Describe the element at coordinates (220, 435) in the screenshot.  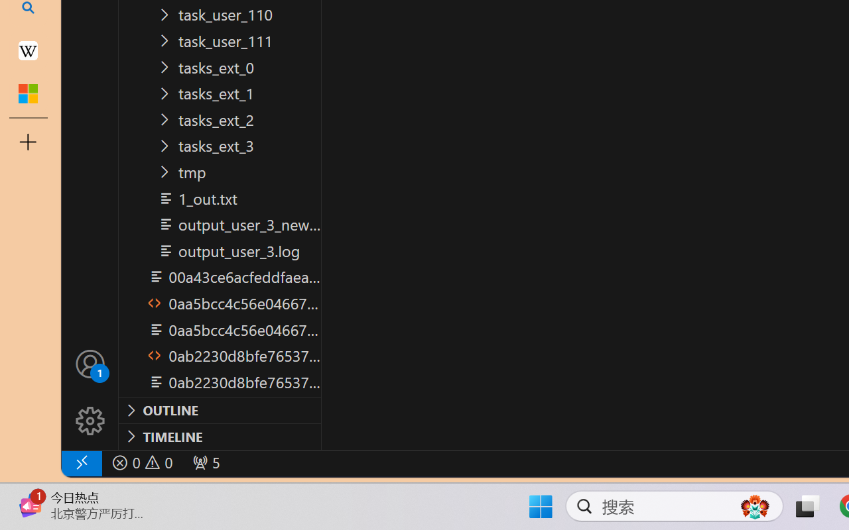
I see `'Timeline Section'` at that location.